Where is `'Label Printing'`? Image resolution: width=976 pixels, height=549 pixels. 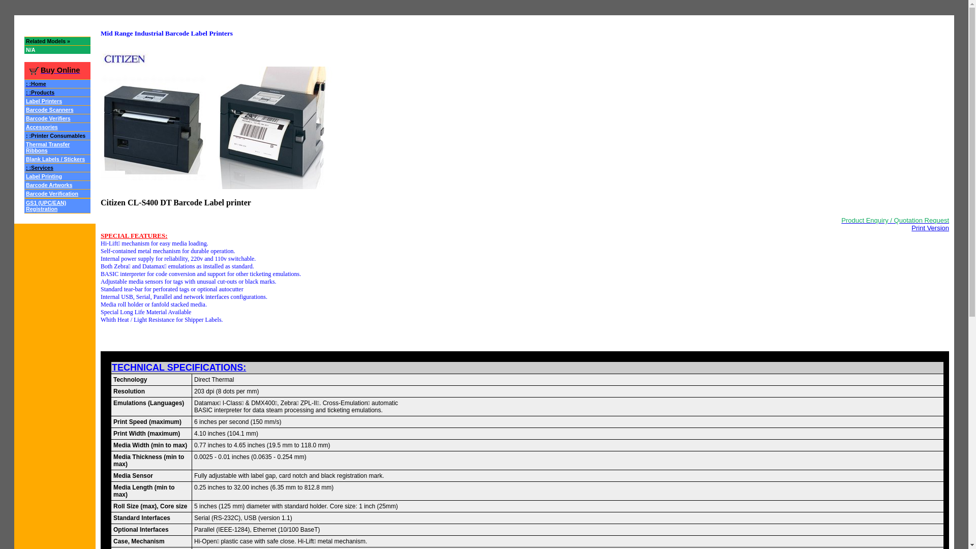 'Label Printing' is located at coordinates (43, 175).